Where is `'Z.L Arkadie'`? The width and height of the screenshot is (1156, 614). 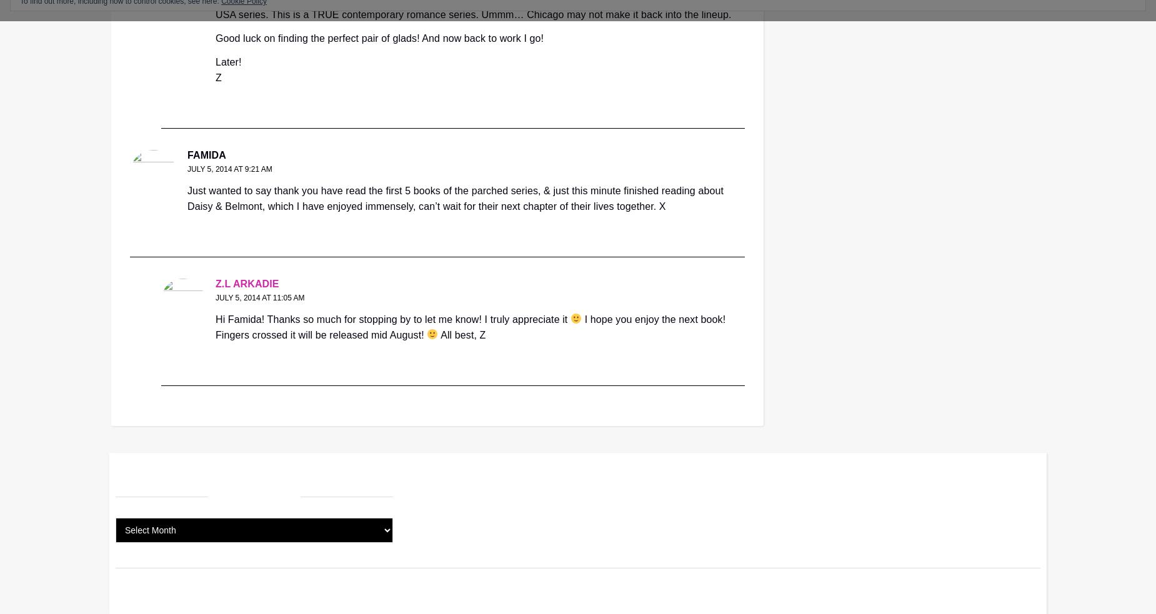 'Z.L Arkadie' is located at coordinates (246, 282).